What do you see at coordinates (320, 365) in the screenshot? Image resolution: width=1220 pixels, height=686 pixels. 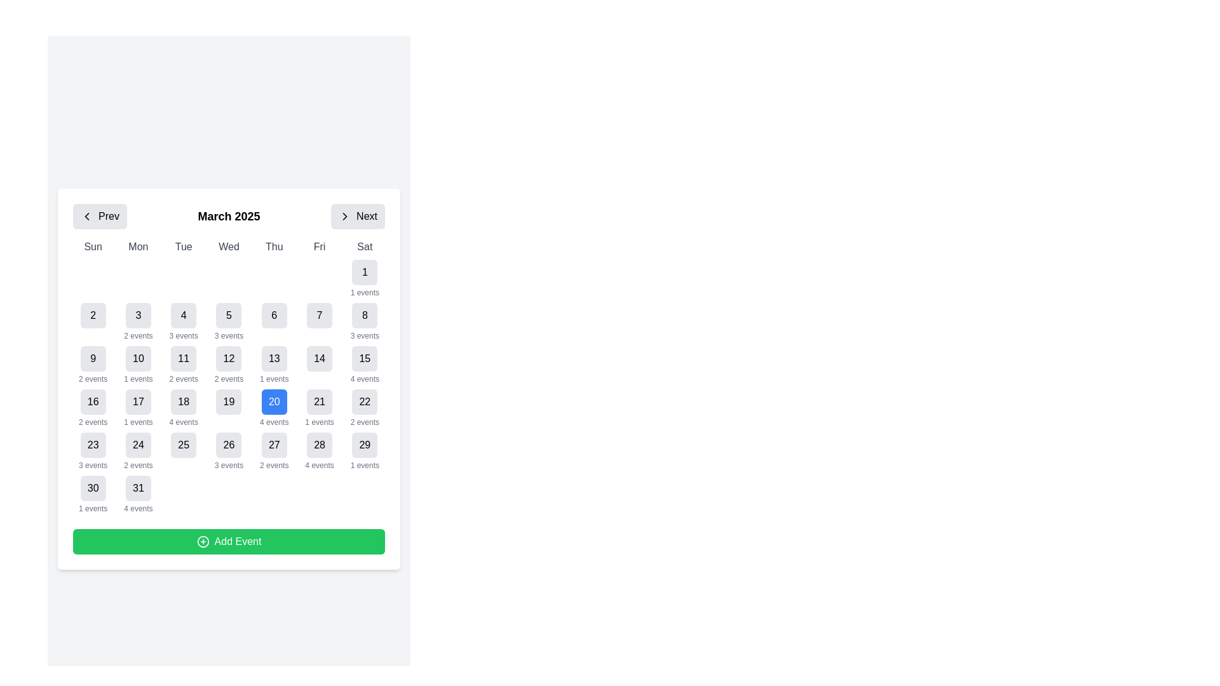 I see `the square button with a rounded border displaying the number '14'` at bounding box center [320, 365].